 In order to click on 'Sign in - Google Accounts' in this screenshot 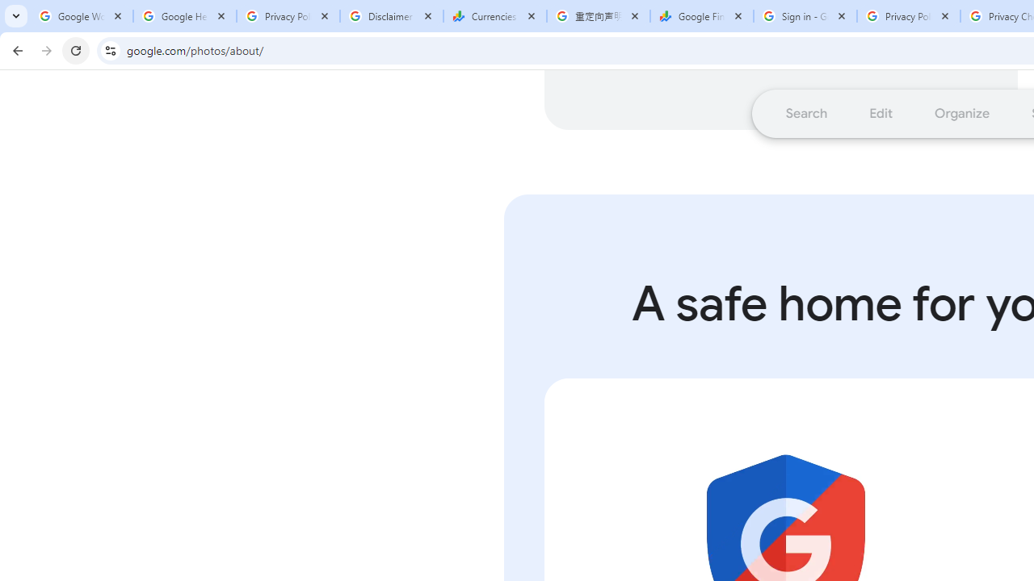, I will do `click(805, 16)`.